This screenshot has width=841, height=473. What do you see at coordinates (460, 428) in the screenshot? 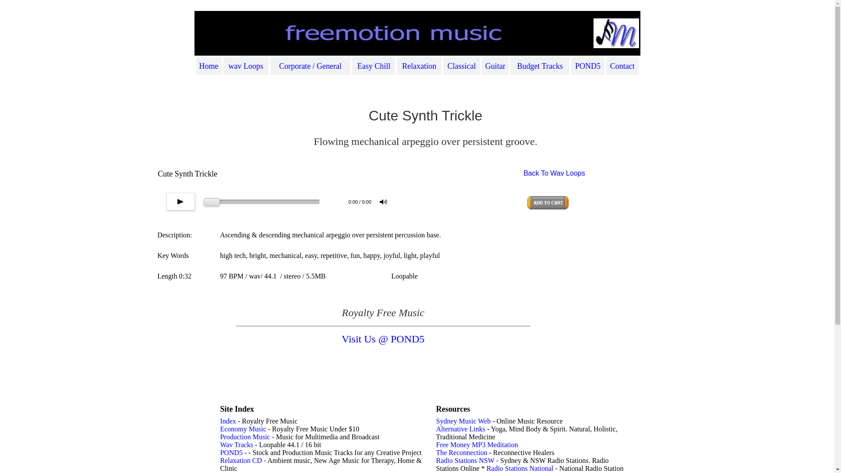
I see `'Alternative Links'` at bounding box center [460, 428].